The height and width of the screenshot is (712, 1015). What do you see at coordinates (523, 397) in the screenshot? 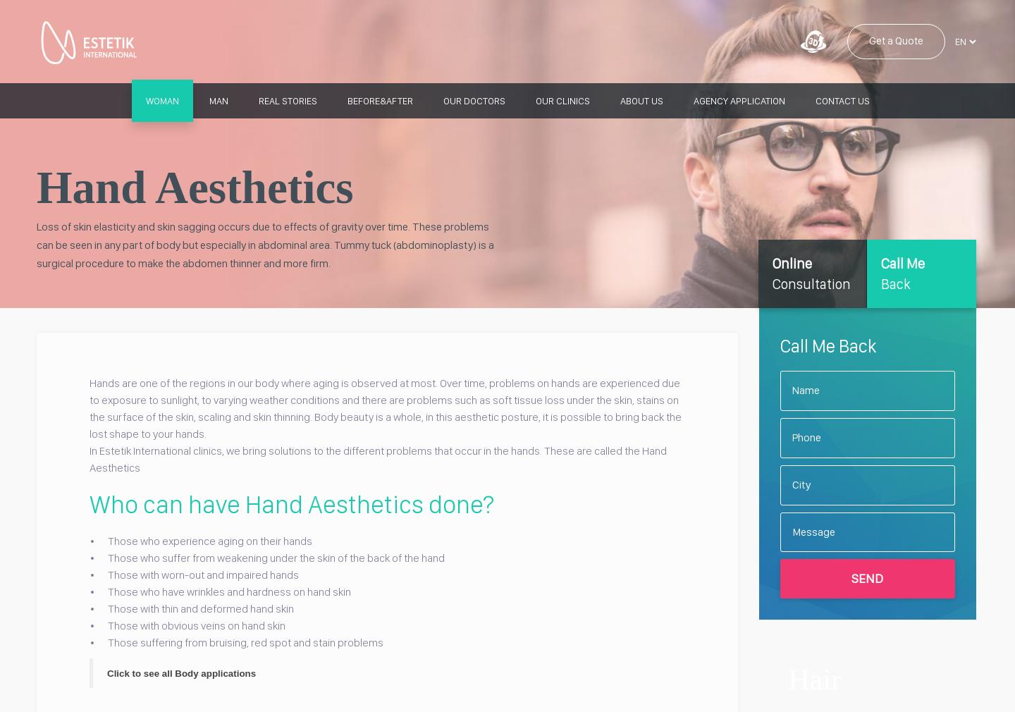
I see `'Penis Thickening'` at bounding box center [523, 397].